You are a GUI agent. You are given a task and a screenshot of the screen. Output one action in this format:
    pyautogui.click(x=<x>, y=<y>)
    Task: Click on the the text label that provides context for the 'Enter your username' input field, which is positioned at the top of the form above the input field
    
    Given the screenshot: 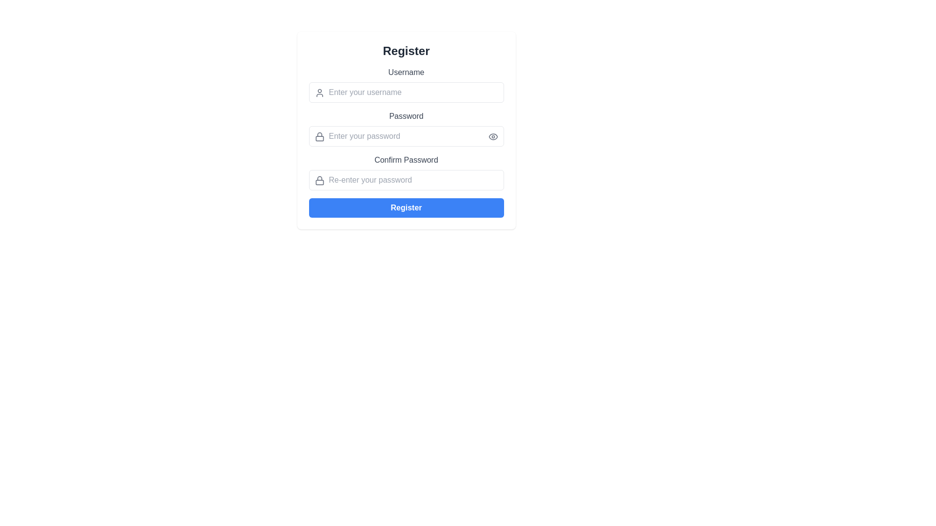 What is the action you would take?
    pyautogui.click(x=406, y=72)
    